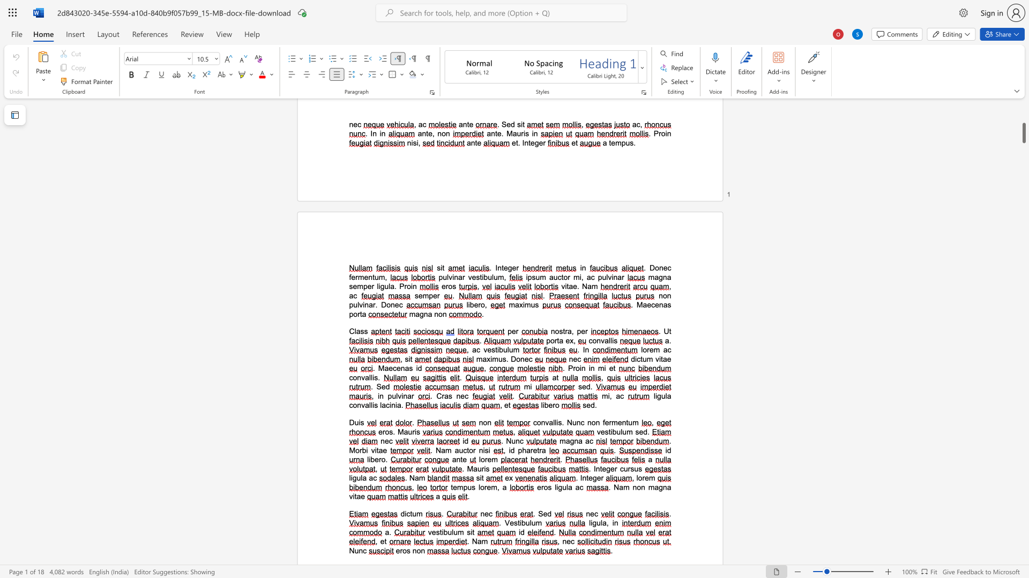 The width and height of the screenshot is (1029, 578). What do you see at coordinates (639, 431) in the screenshot?
I see `the space between the continuous character "s" and "e" in the text` at bounding box center [639, 431].